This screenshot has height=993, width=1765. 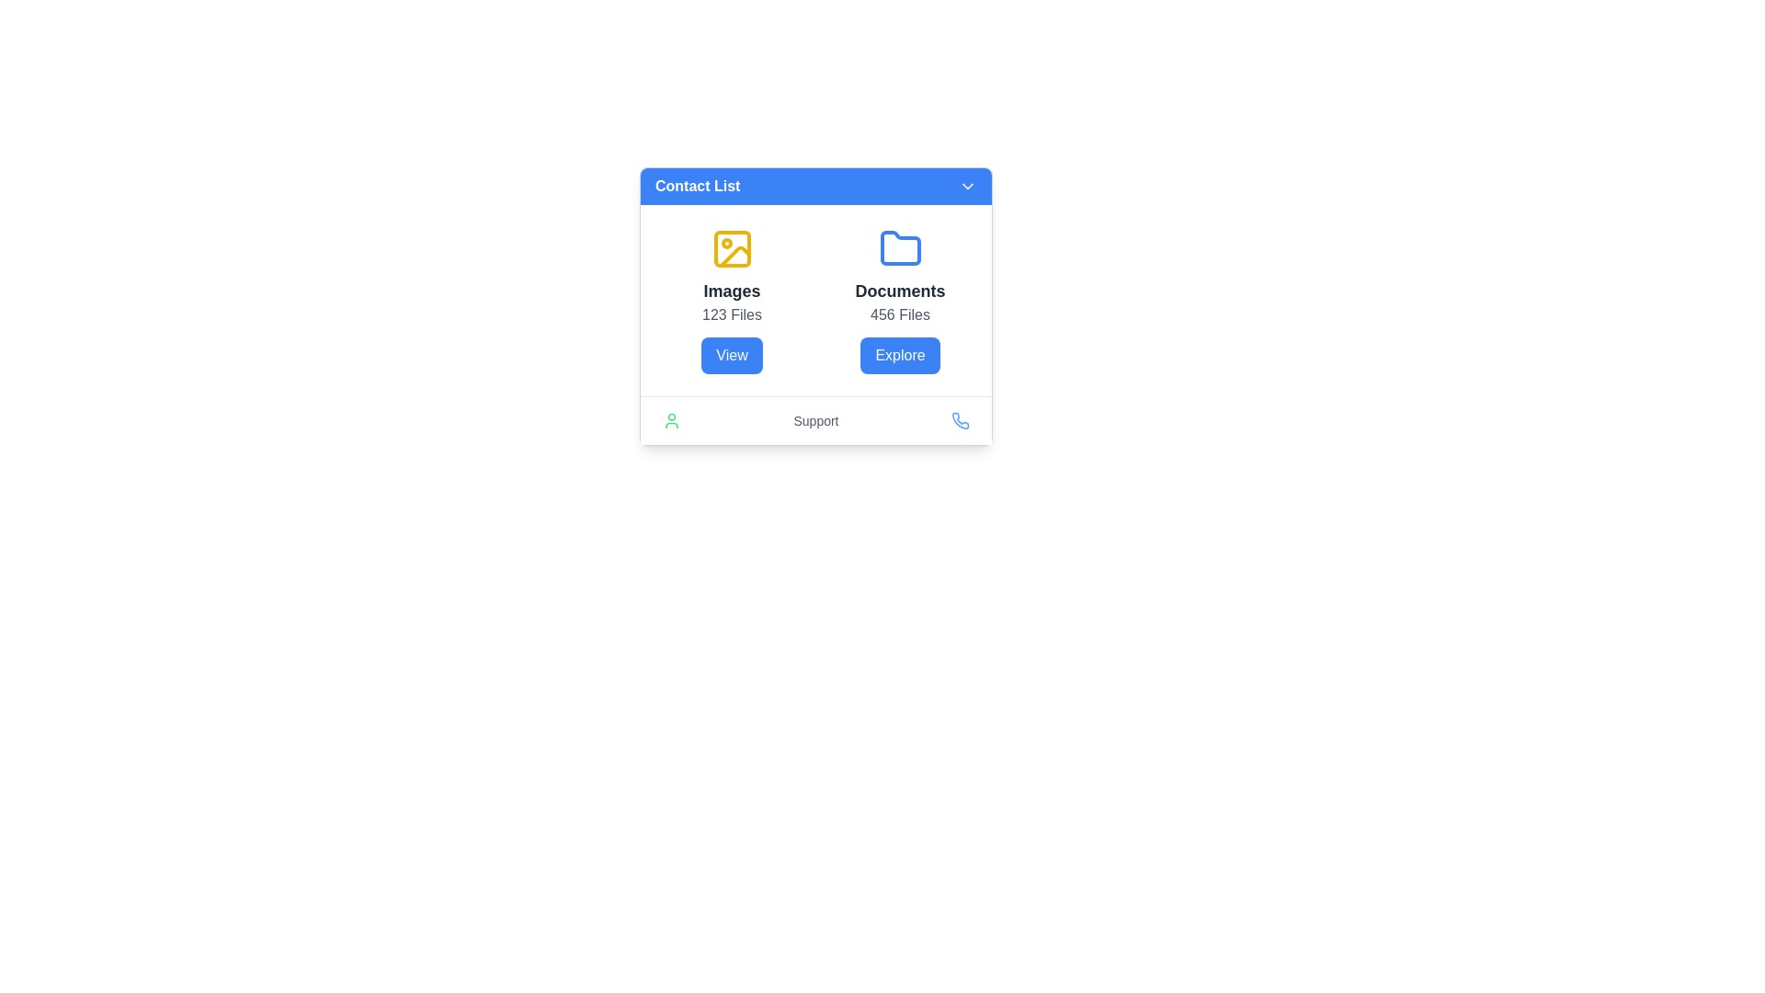 What do you see at coordinates (960, 420) in the screenshot?
I see `the blue outline phone icon in the bottom-right corner of the 'Contact List' card to initiate a call` at bounding box center [960, 420].